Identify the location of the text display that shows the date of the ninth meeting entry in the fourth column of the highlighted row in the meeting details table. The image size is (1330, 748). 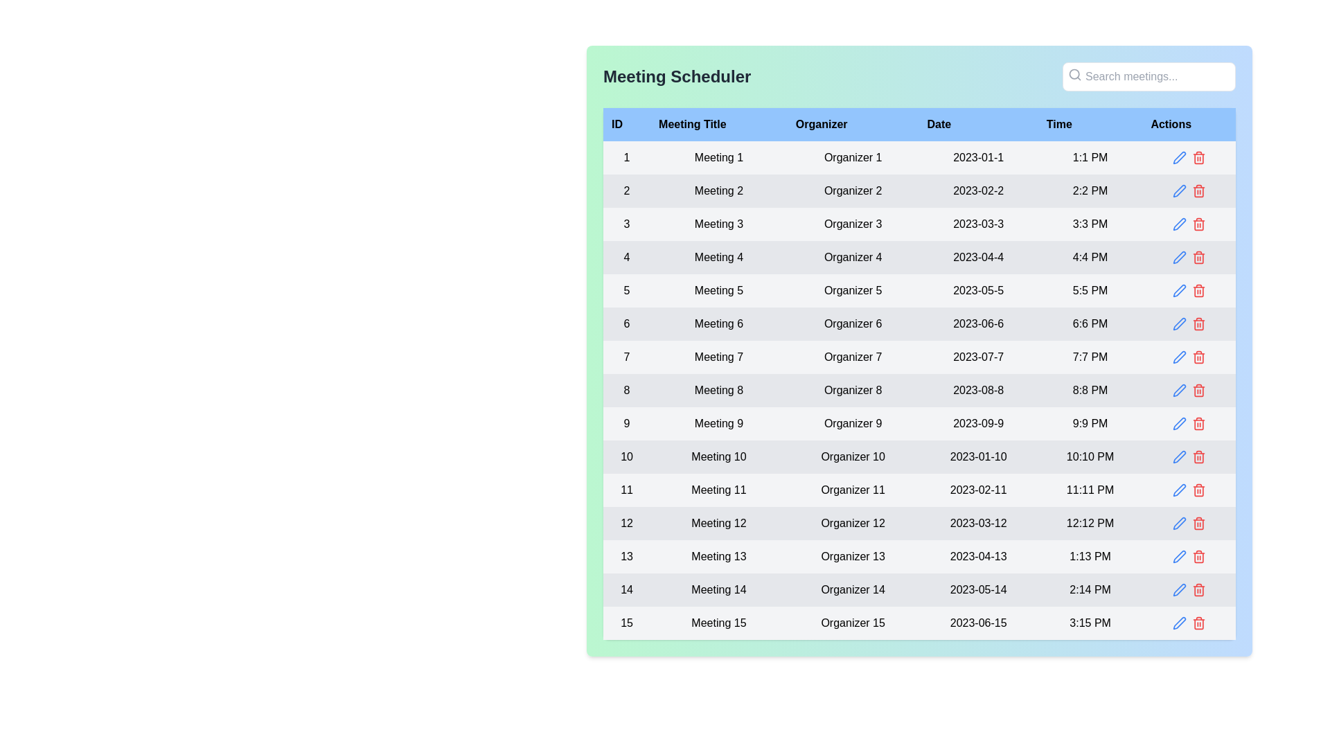
(977, 423).